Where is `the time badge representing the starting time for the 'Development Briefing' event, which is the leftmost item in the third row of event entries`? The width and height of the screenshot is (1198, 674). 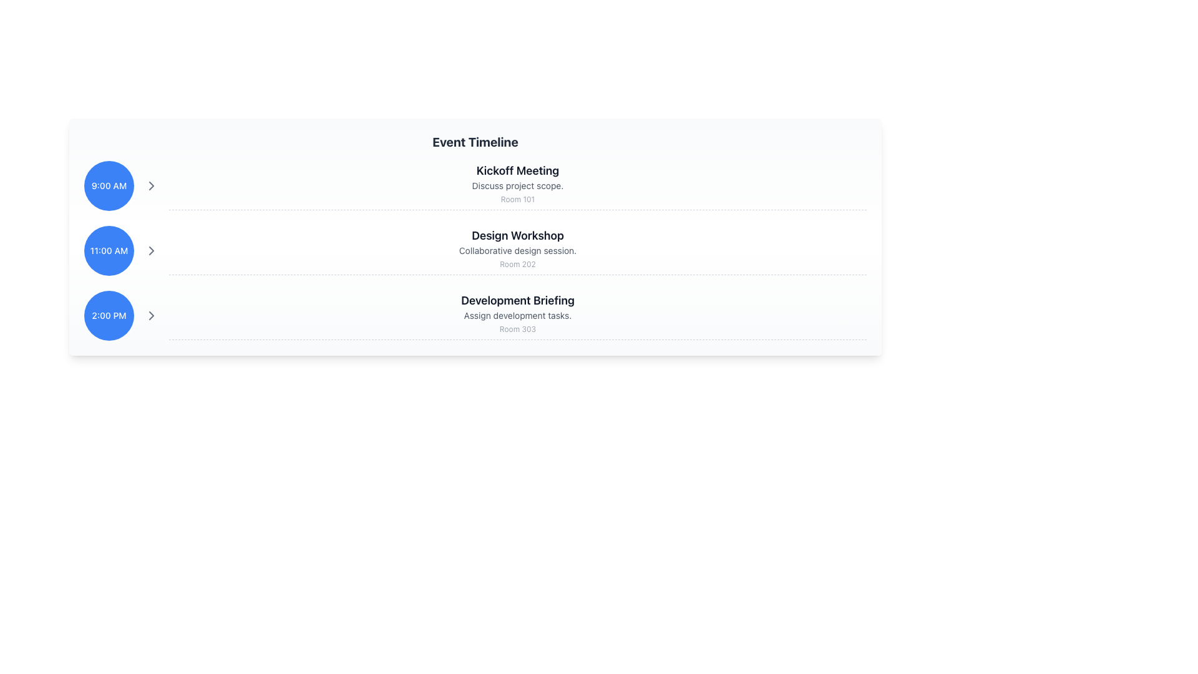
the time badge representing the starting time for the 'Development Briefing' event, which is the leftmost item in the third row of event entries is located at coordinates (109, 315).